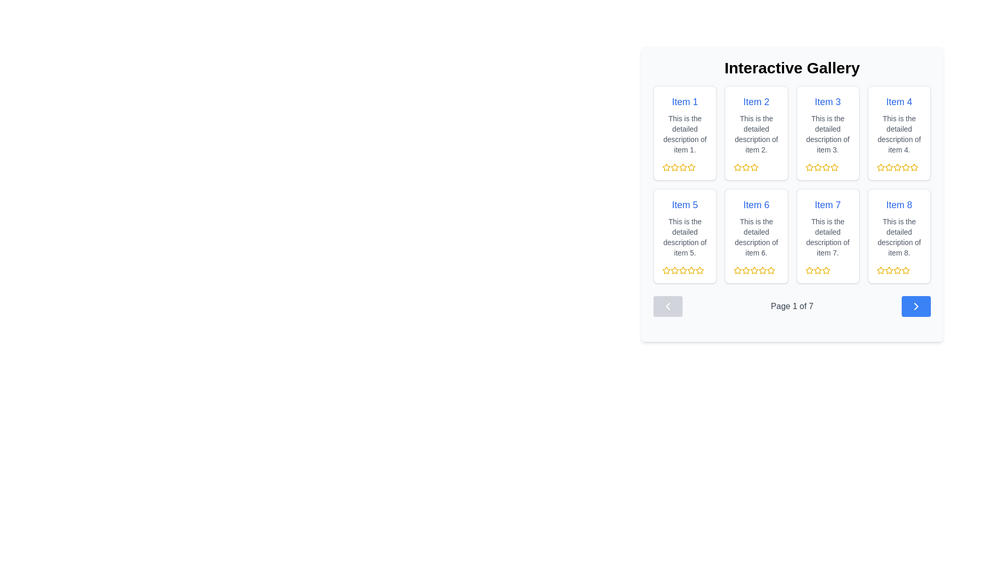 Image resolution: width=999 pixels, height=562 pixels. I want to click on the centered star in the rating section of the 'Item 4' card, so click(913, 167).